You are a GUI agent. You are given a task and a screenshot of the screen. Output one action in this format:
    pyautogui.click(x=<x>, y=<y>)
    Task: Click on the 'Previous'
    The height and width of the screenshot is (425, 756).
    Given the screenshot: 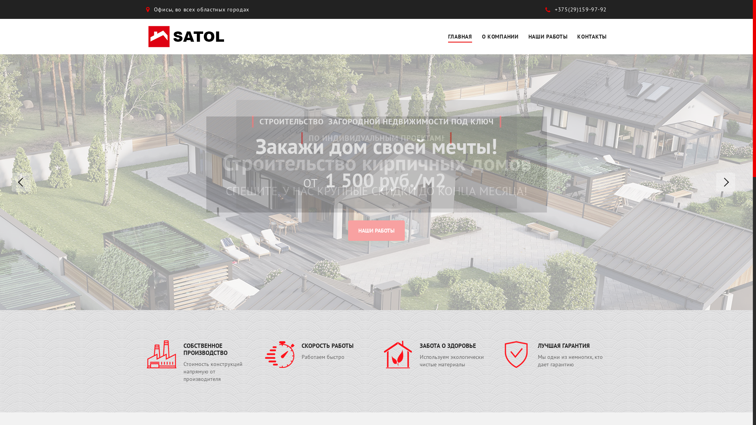 What is the action you would take?
    pyautogui.click(x=21, y=182)
    